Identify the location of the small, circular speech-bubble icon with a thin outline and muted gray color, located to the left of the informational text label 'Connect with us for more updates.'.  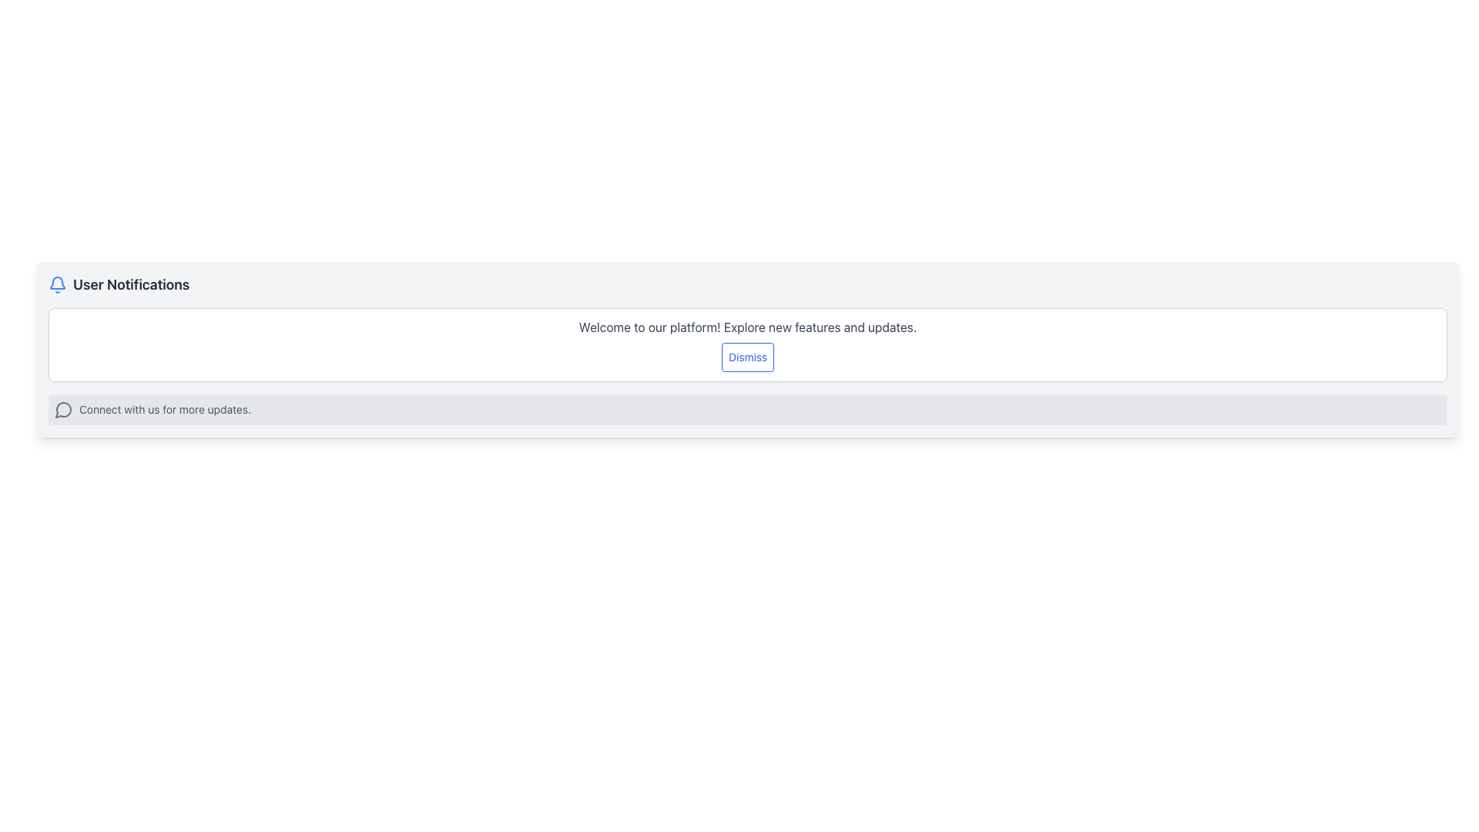
(62, 409).